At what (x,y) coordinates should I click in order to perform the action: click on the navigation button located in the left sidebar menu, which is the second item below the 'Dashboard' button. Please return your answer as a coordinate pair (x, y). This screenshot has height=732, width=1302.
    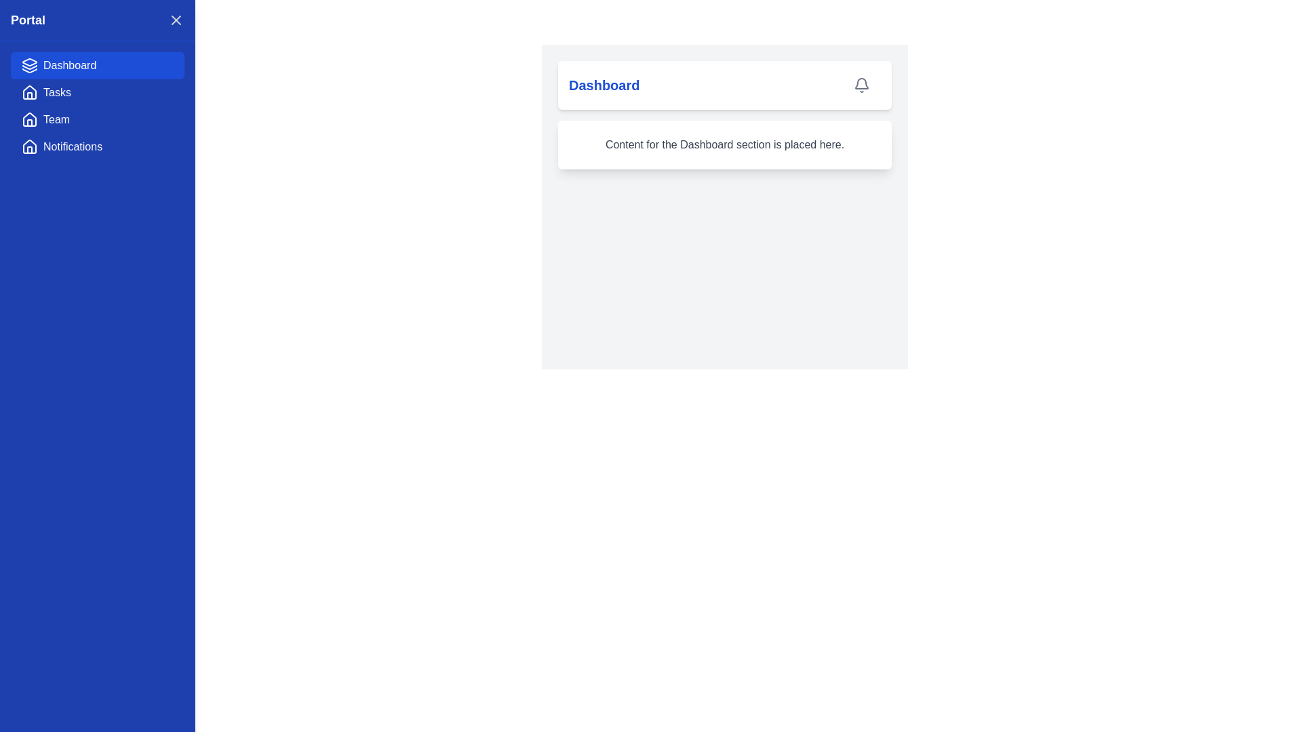
    Looking at the image, I should click on (97, 92).